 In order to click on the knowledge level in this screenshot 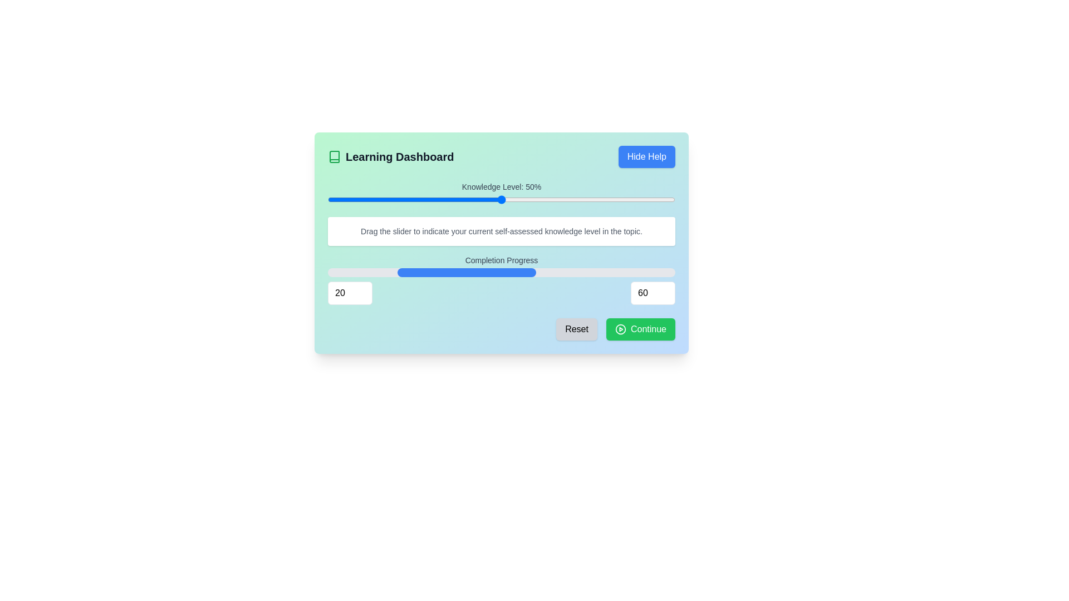, I will do `click(373, 199)`.